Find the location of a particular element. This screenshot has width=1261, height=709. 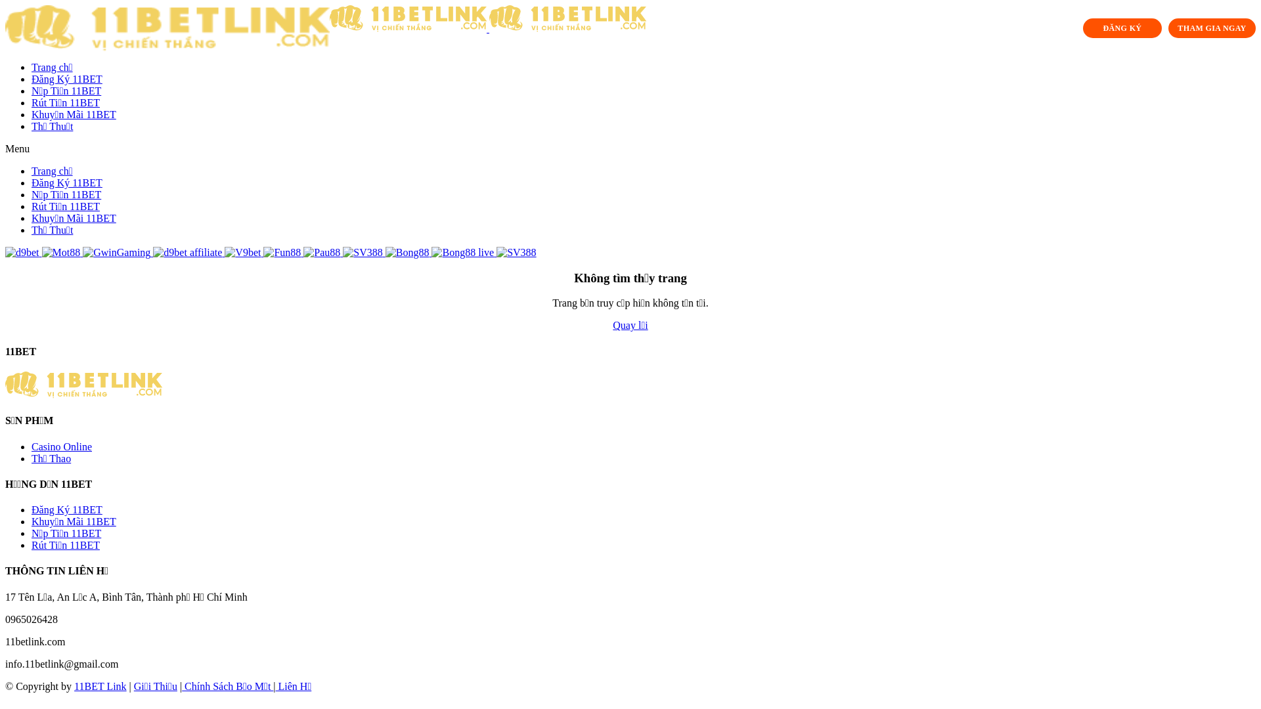

'V9bet' is located at coordinates (244, 252).